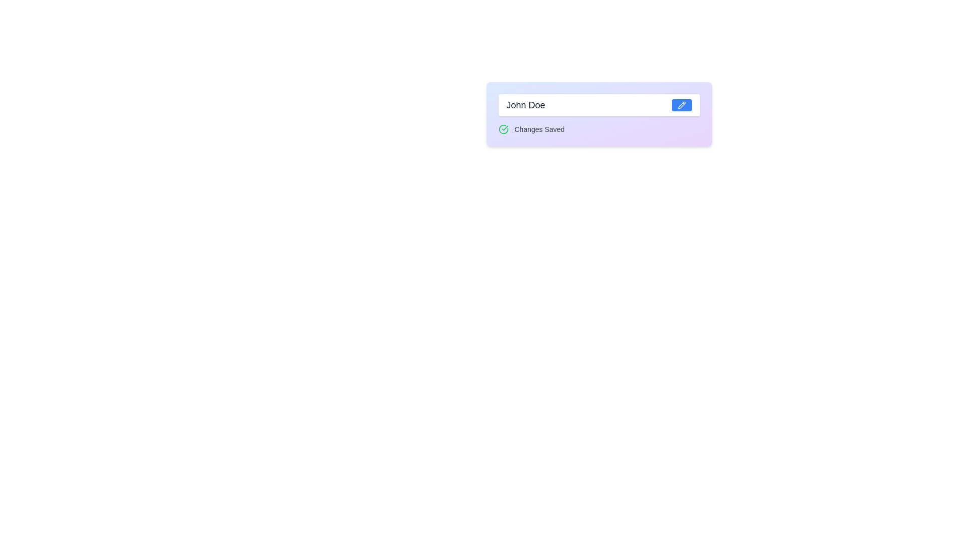  Describe the element at coordinates (681, 105) in the screenshot. I see `the pencil icon component, which indicates an editing action, positioned adjacent to the right side of the 'John Doe' text input field` at that location.